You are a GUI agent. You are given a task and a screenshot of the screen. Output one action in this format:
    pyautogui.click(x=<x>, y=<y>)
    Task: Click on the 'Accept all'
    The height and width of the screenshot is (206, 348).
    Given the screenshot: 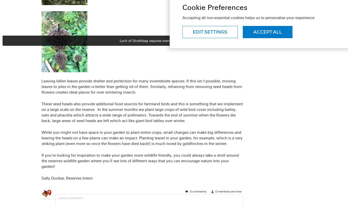 What is the action you would take?
    pyautogui.click(x=267, y=32)
    